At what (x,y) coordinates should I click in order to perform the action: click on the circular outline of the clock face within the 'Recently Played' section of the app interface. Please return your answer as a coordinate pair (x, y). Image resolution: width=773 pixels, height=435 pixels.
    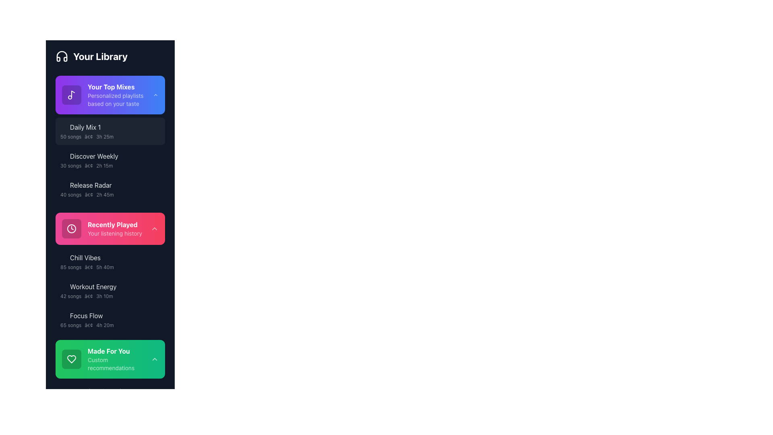
    Looking at the image, I should click on (71, 228).